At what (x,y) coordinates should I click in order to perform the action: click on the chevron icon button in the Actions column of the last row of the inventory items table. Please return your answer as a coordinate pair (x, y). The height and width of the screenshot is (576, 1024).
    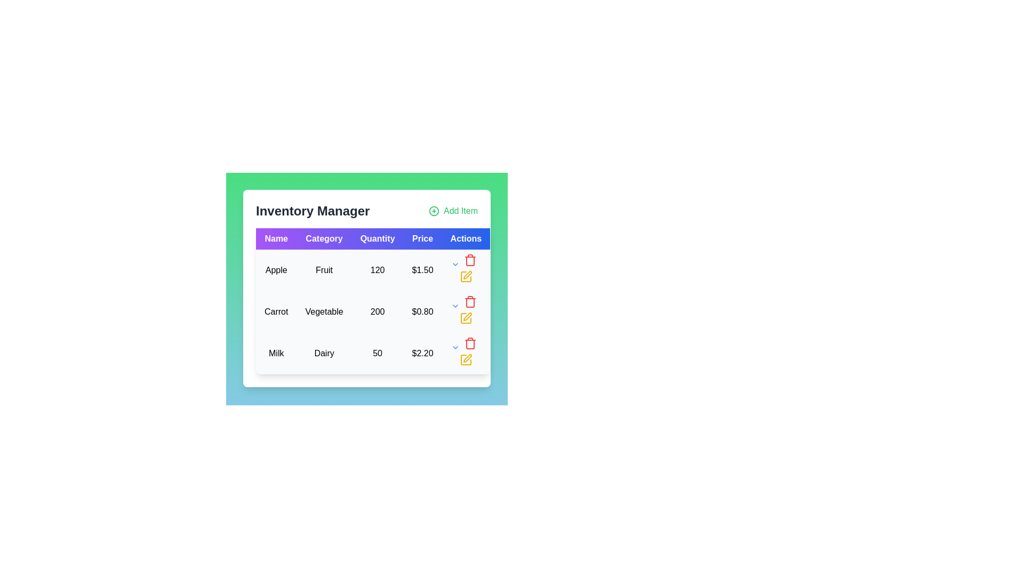
    Looking at the image, I should click on (455, 347).